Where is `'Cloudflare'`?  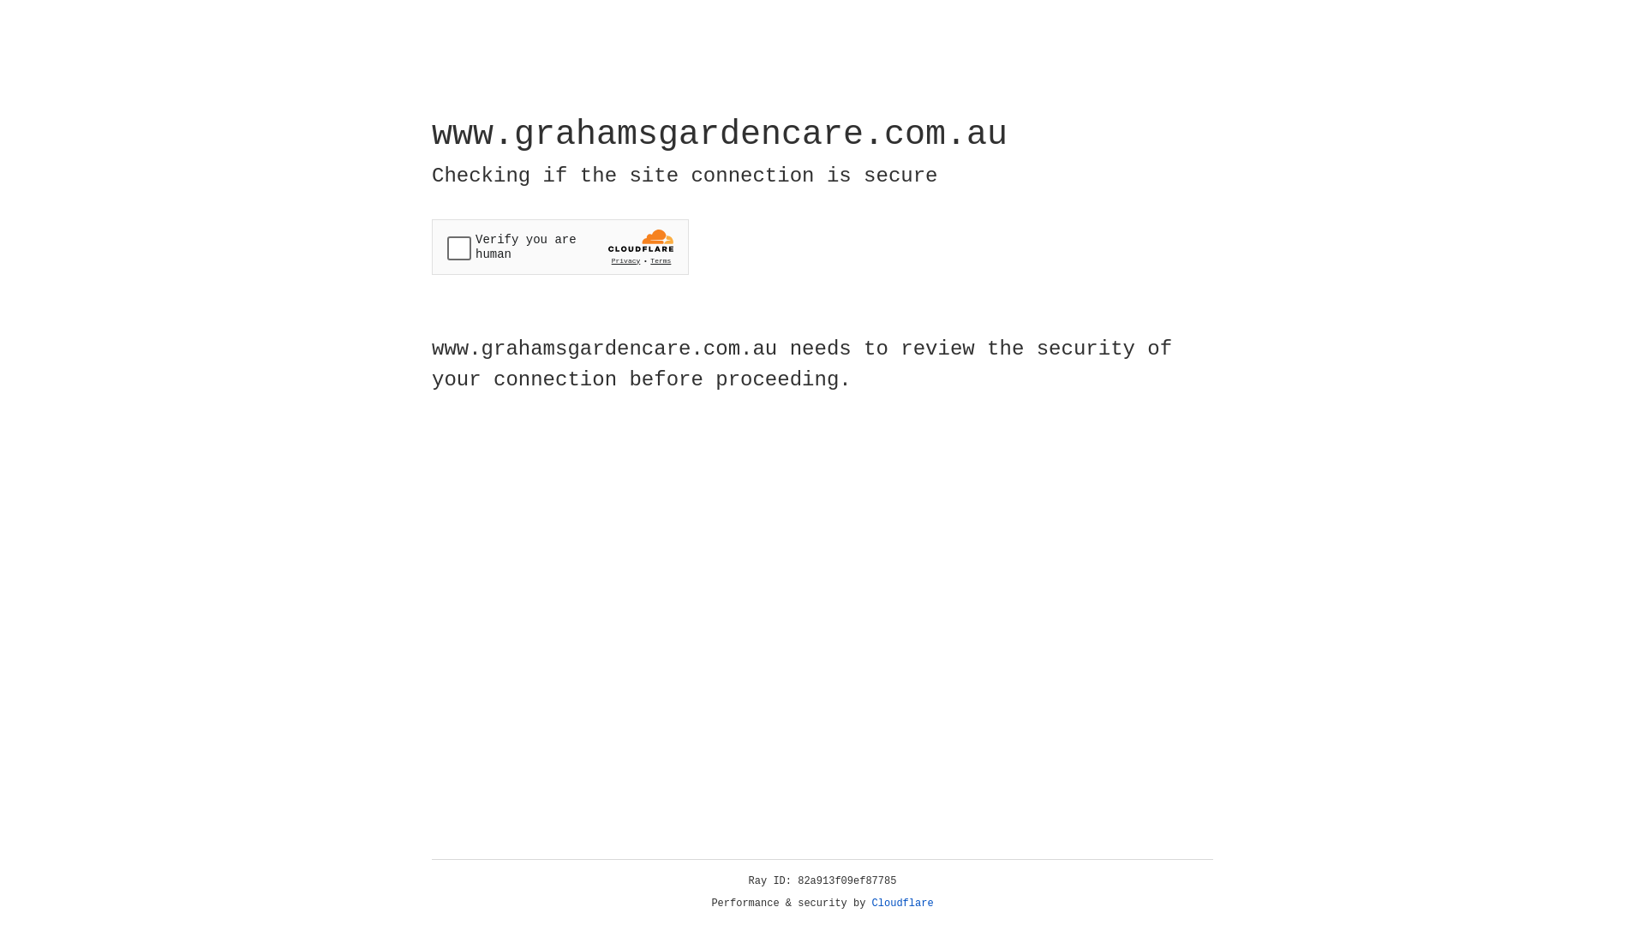 'Cloudflare' is located at coordinates (902, 903).